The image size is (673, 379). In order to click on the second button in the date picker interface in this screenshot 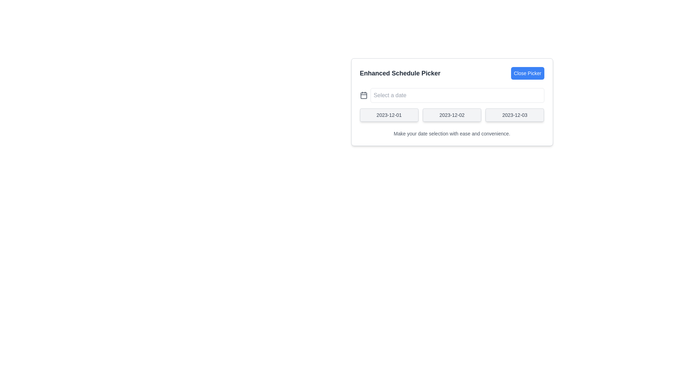, I will do `click(452, 114)`.